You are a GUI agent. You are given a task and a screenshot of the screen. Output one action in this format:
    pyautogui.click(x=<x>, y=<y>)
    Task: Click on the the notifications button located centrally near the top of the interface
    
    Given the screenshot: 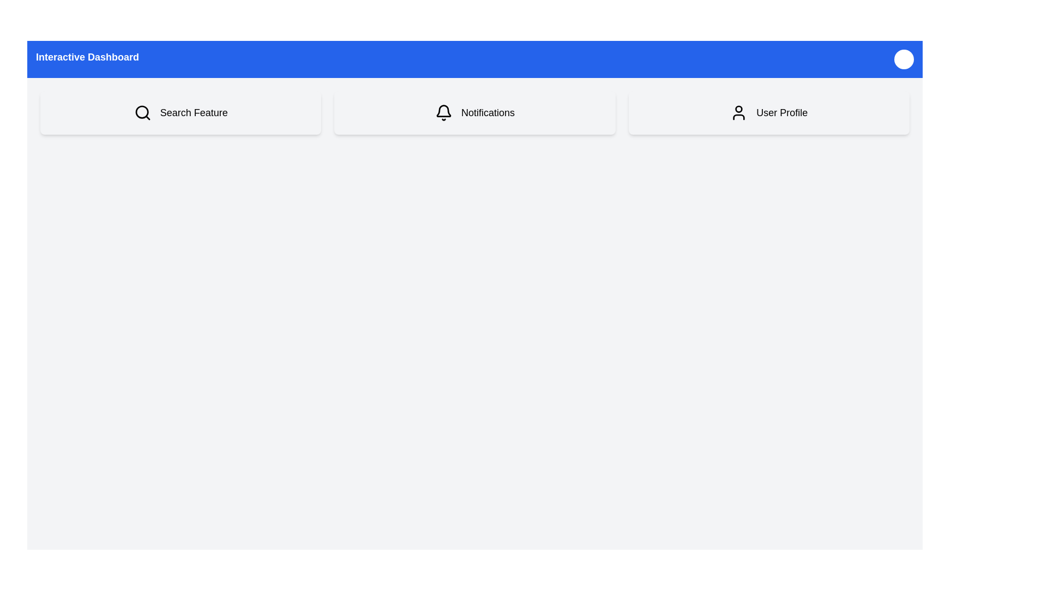 What is the action you would take?
    pyautogui.click(x=474, y=113)
    